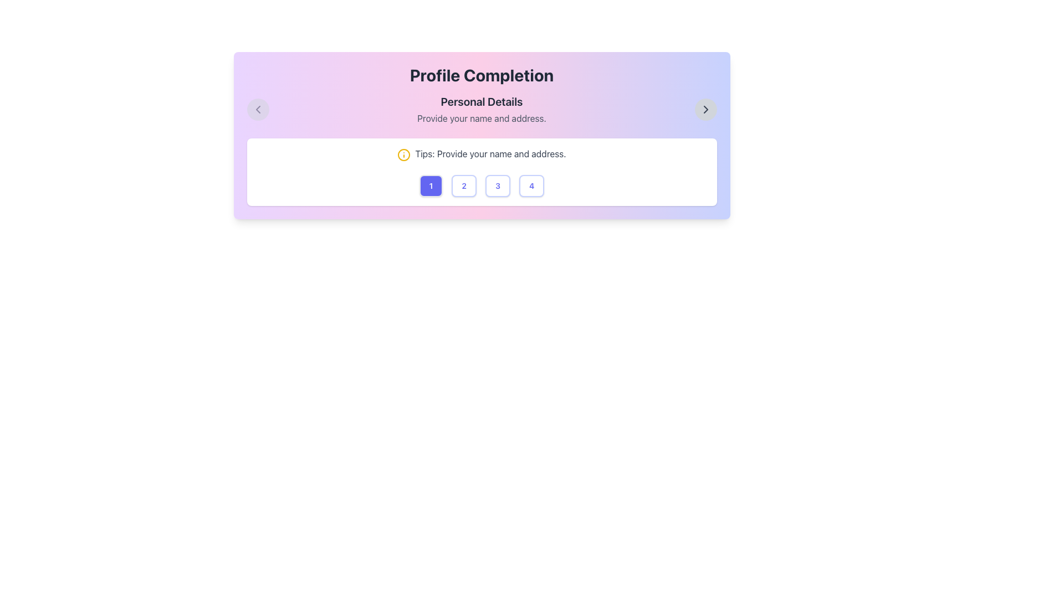 The width and height of the screenshot is (1064, 598). Describe the element at coordinates (531, 185) in the screenshot. I see `the fourth button in a group of buttons` at that location.